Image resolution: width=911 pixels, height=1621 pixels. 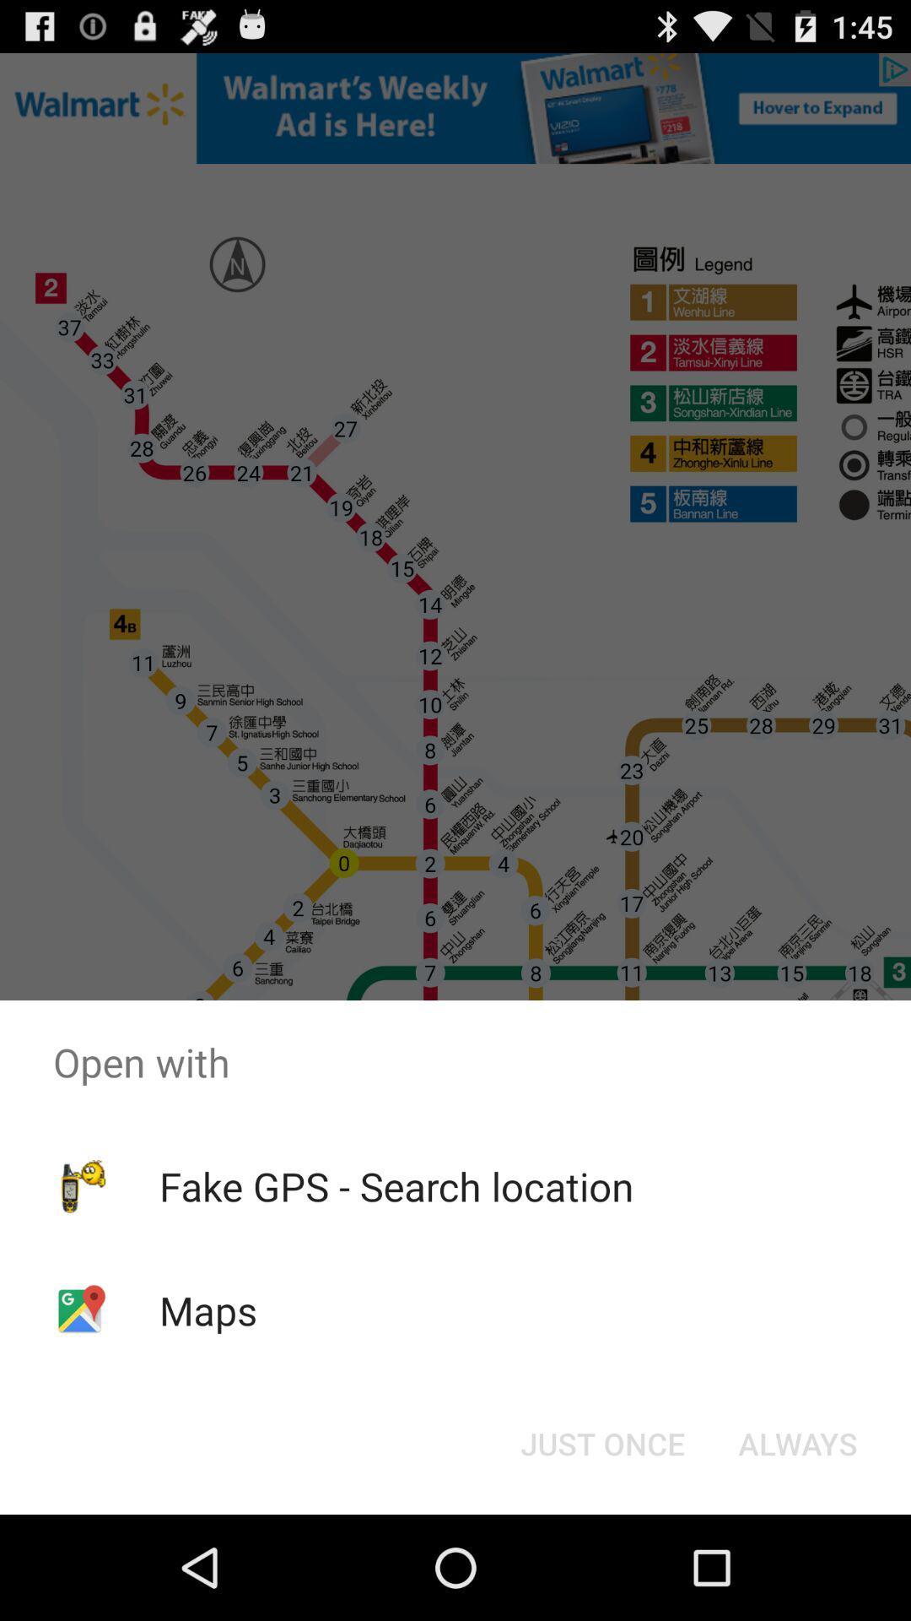 What do you see at coordinates (601, 1442) in the screenshot?
I see `the item next to the always item` at bounding box center [601, 1442].